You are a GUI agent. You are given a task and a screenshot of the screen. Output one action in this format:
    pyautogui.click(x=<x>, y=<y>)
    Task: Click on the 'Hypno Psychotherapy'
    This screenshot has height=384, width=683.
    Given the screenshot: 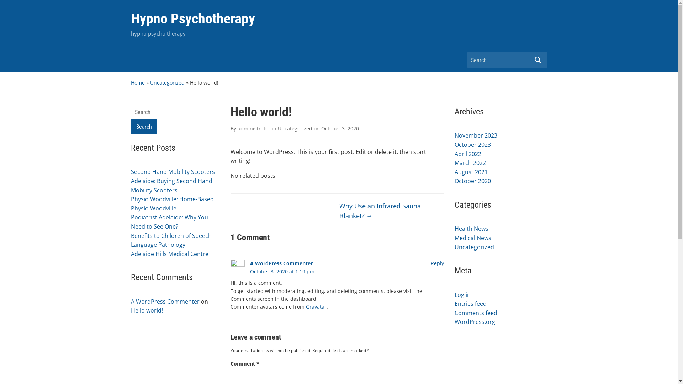 What is the action you would take?
    pyautogui.click(x=193, y=18)
    